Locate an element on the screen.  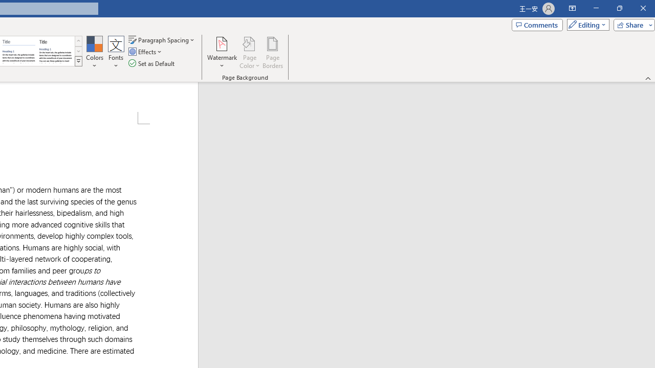
'Paragraph Spacing' is located at coordinates (162, 39).